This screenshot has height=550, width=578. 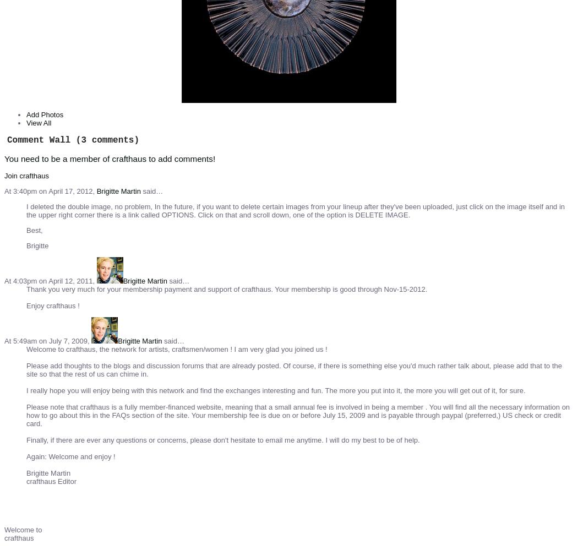 I want to click on 'Best,', so click(x=34, y=229).